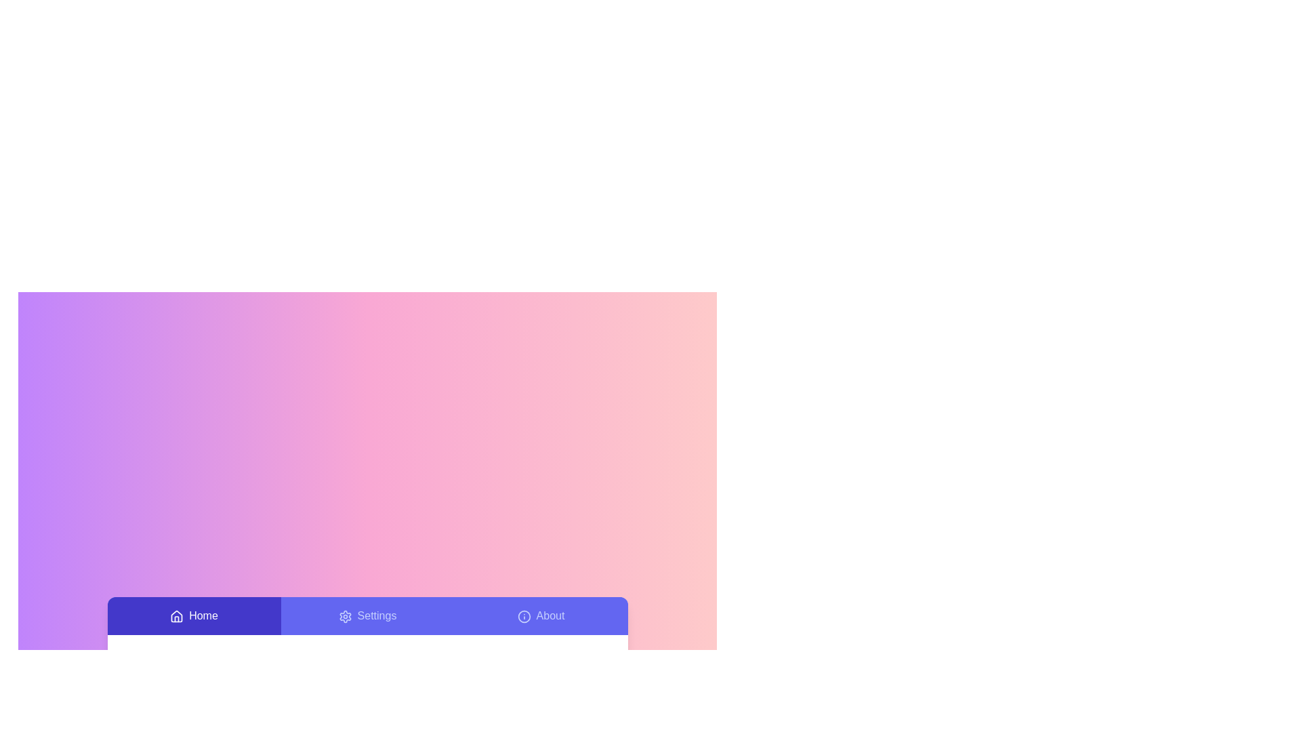  What do you see at coordinates (367, 616) in the screenshot?
I see `the Settings tab to activate it` at bounding box center [367, 616].